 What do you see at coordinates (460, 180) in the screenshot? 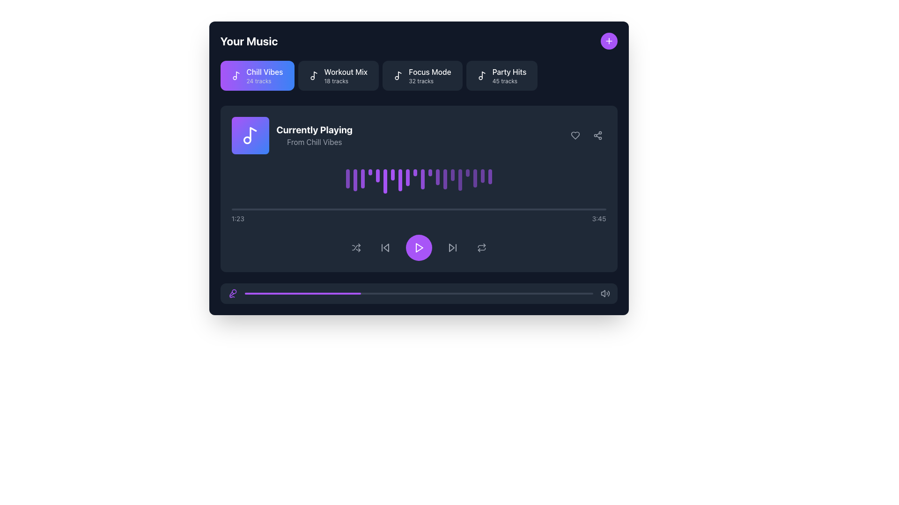
I see `the 16th purple vertical progress indicator bar with rounded edges located centrally in the playback section` at bounding box center [460, 180].